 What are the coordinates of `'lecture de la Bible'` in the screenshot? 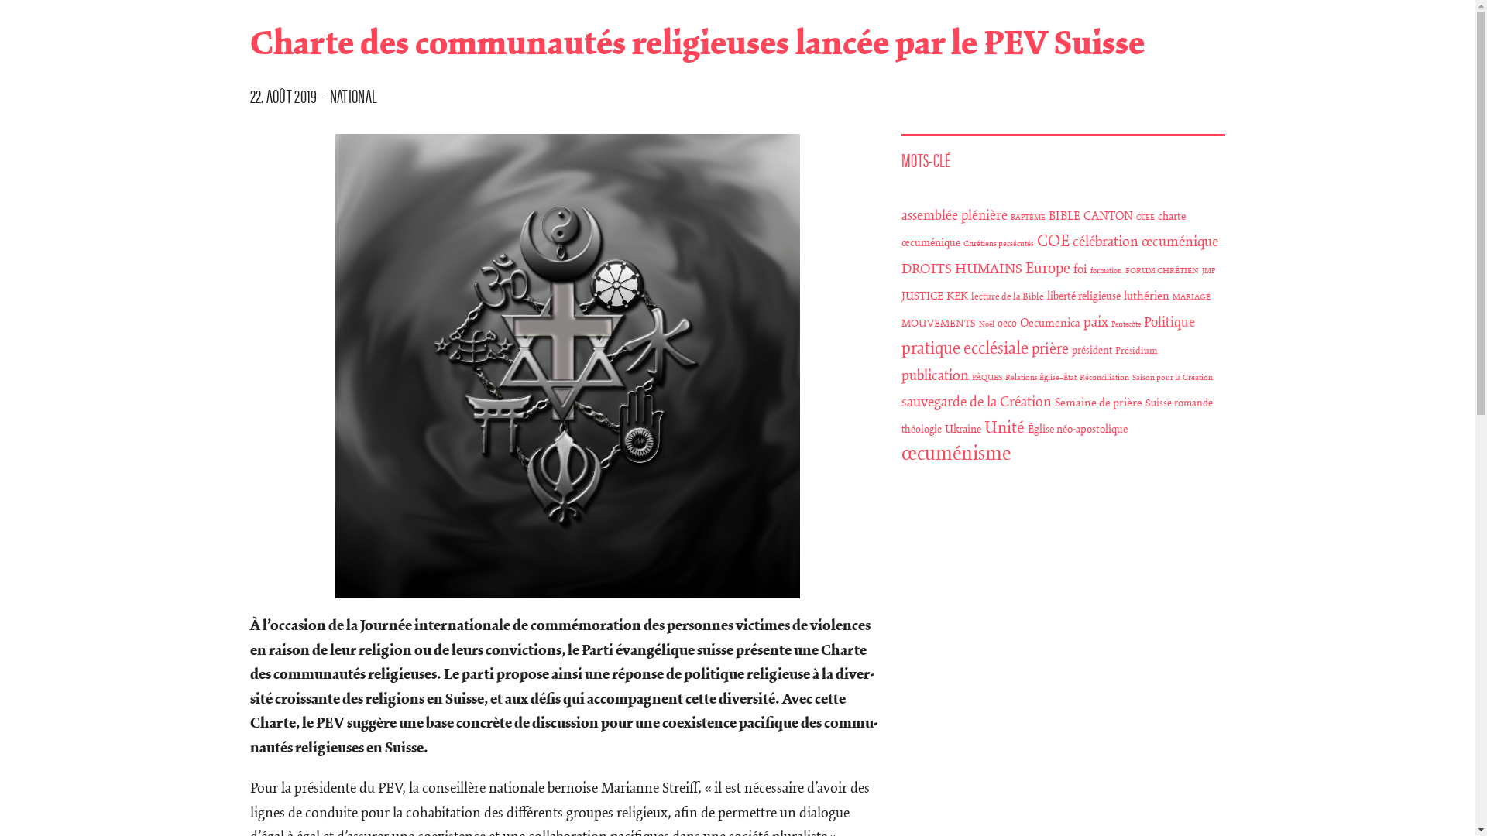 It's located at (1007, 296).